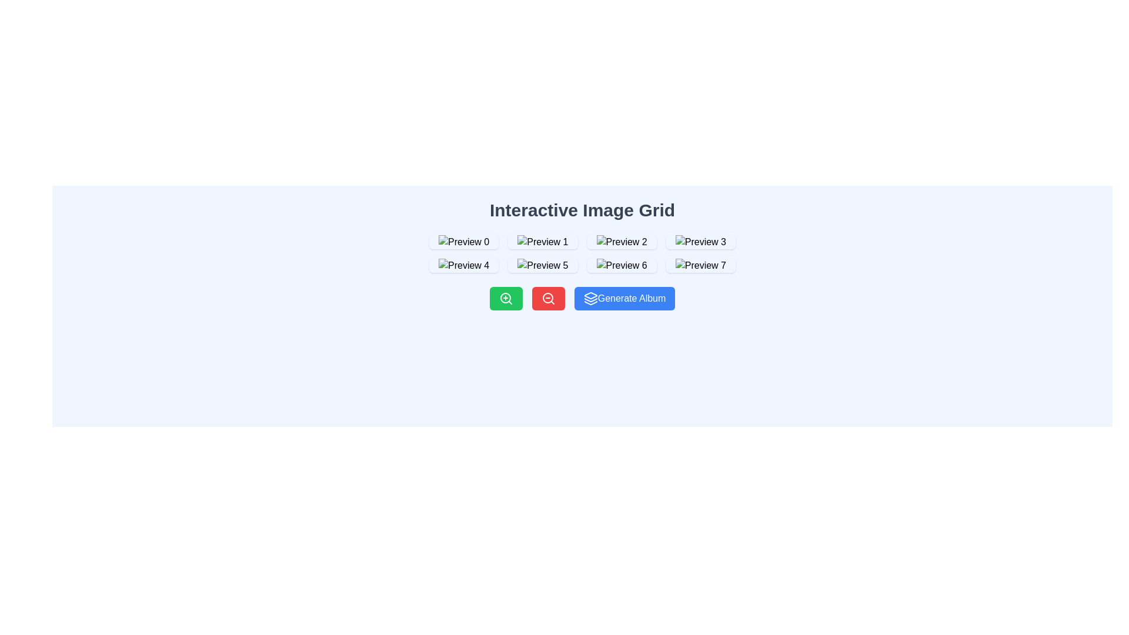 This screenshot has height=635, width=1129. I want to click on the rightmost button under the preview images section to generate an album, so click(624, 298).